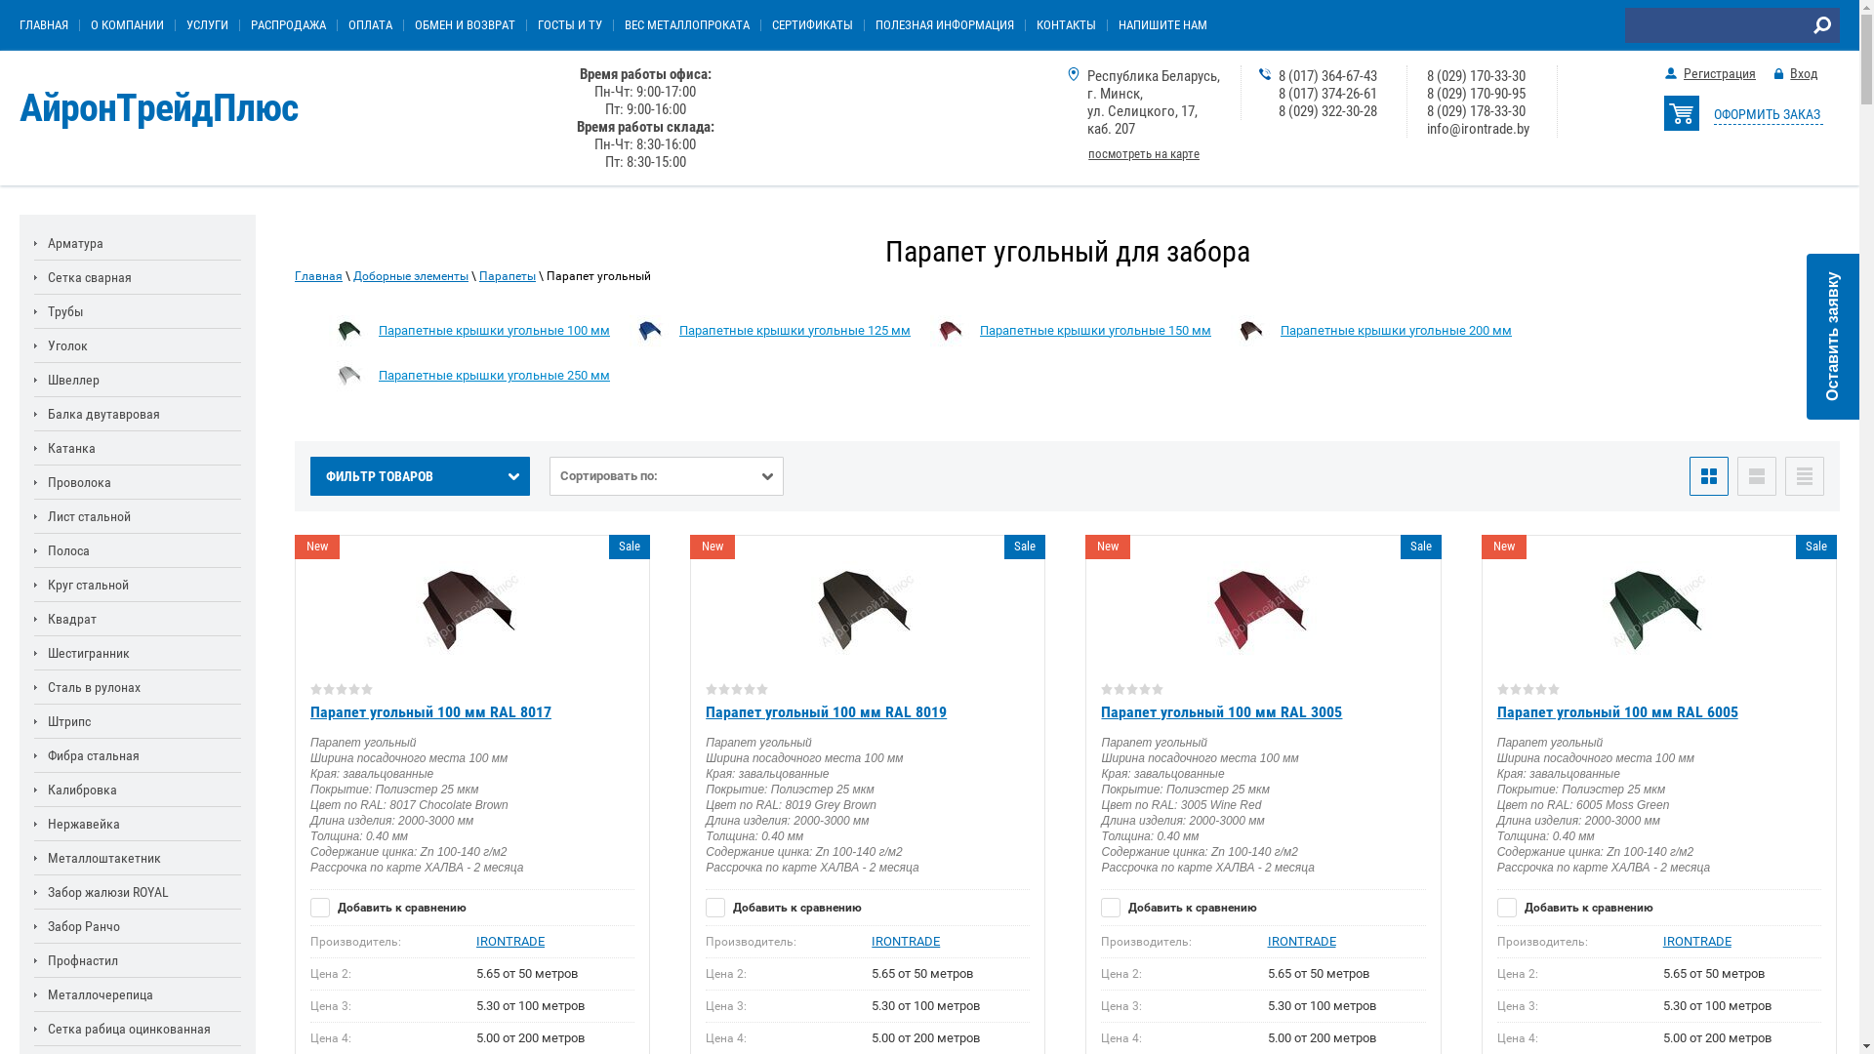 This screenshot has width=1874, height=1054. What do you see at coordinates (1279, 94) in the screenshot?
I see `'8 (017) 374-26-61'` at bounding box center [1279, 94].